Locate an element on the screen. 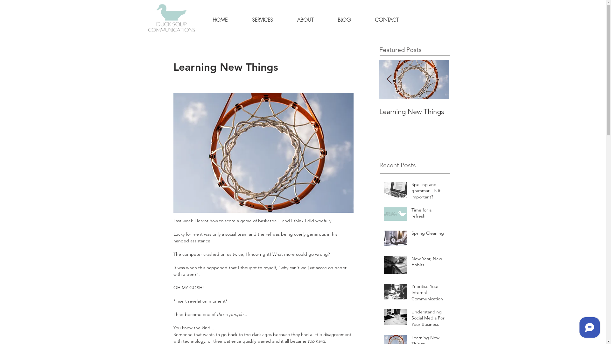  'Understanding Social Media For Your Business' is located at coordinates (344, 120).